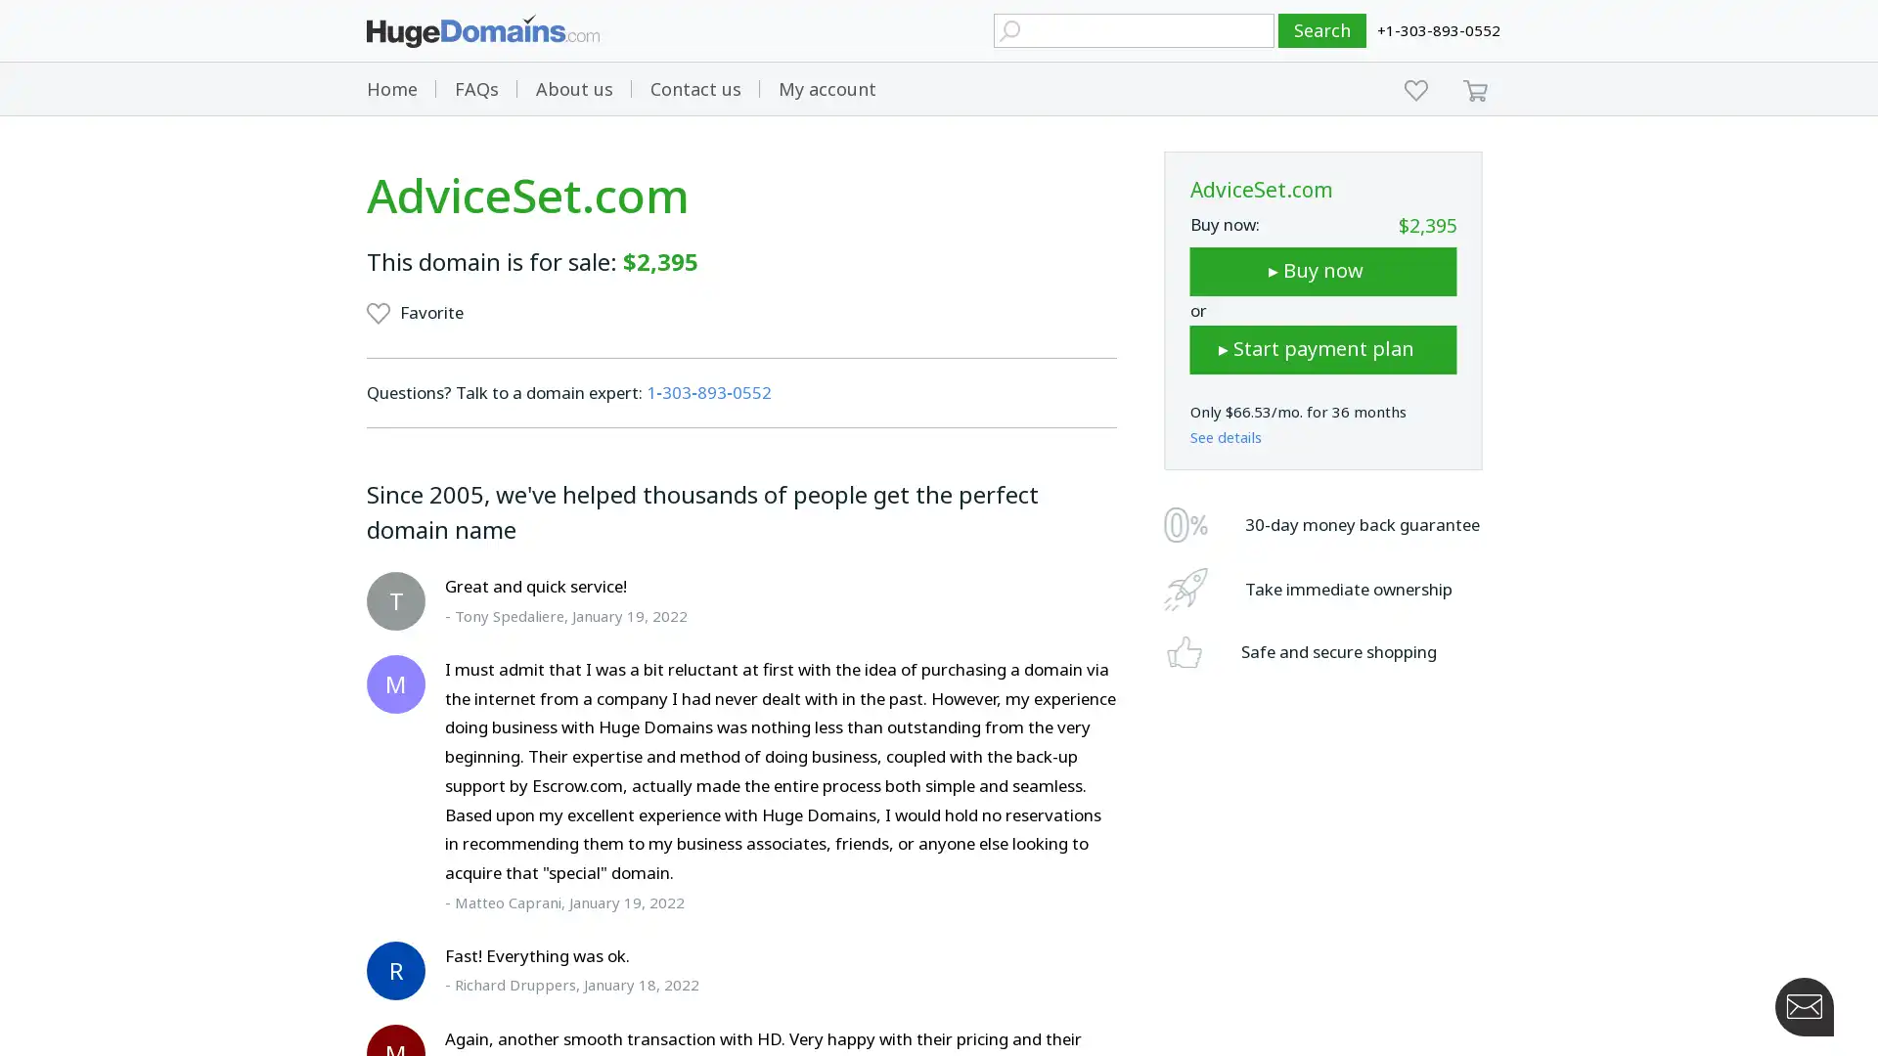 The width and height of the screenshot is (1878, 1056). Describe the element at coordinates (1322, 30) in the screenshot. I see `Search` at that location.